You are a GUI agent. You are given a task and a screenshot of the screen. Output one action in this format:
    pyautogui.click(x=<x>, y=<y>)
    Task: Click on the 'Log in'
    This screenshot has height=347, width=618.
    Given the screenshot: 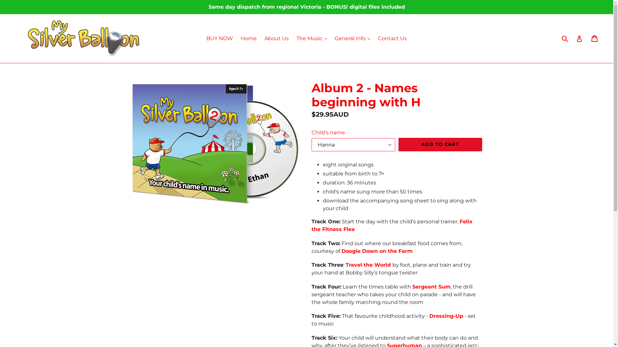 What is the action you would take?
    pyautogui.click(x=576, y=38)
    